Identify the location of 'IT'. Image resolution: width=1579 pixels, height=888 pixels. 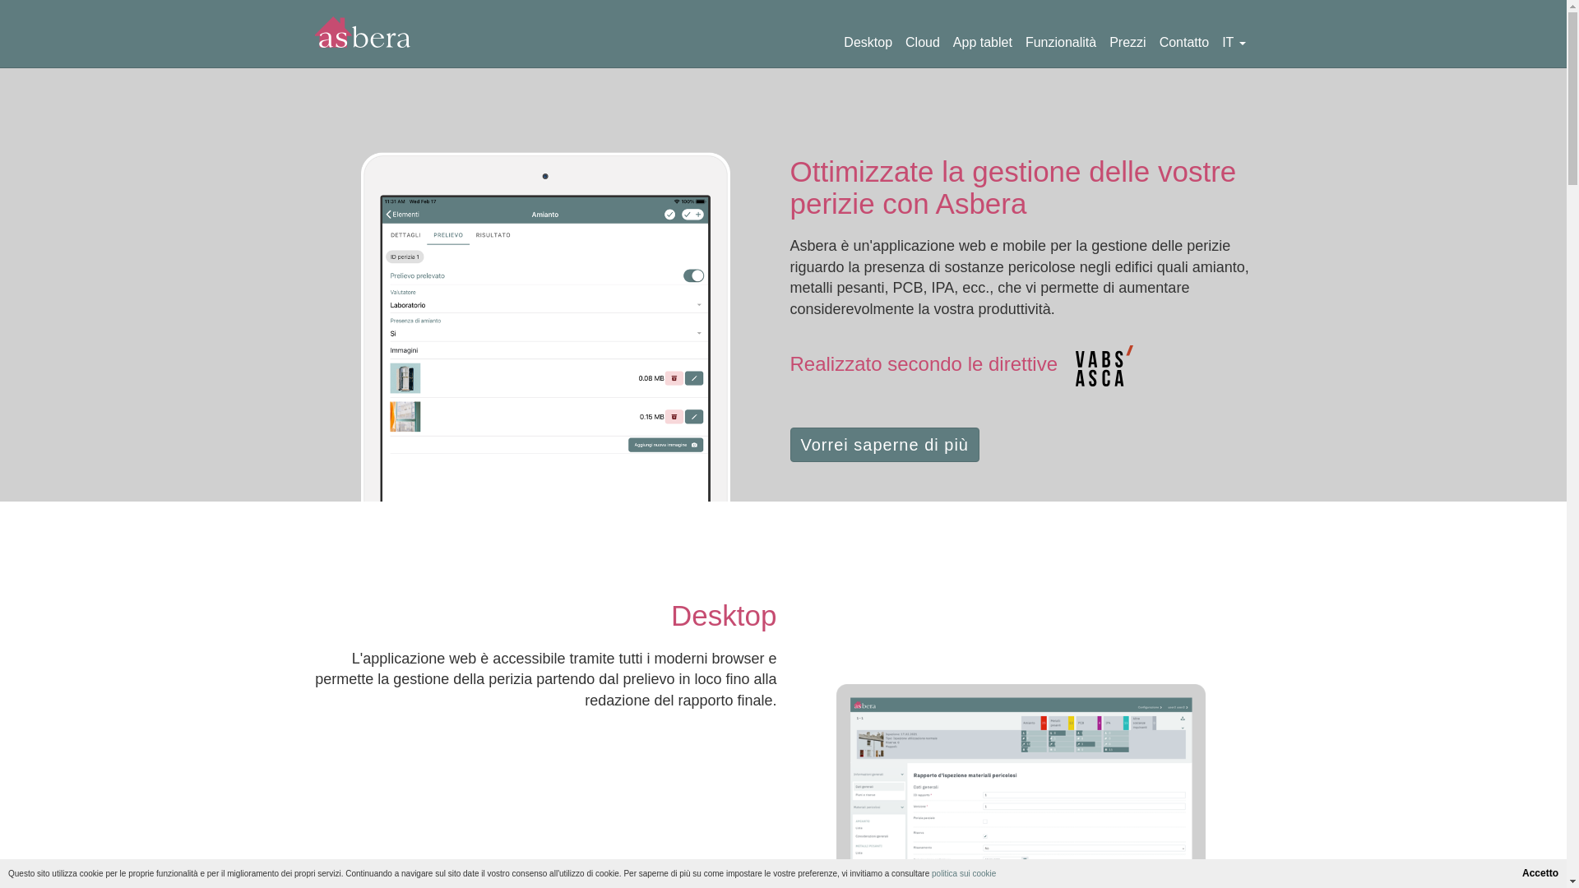
(1216, 36).